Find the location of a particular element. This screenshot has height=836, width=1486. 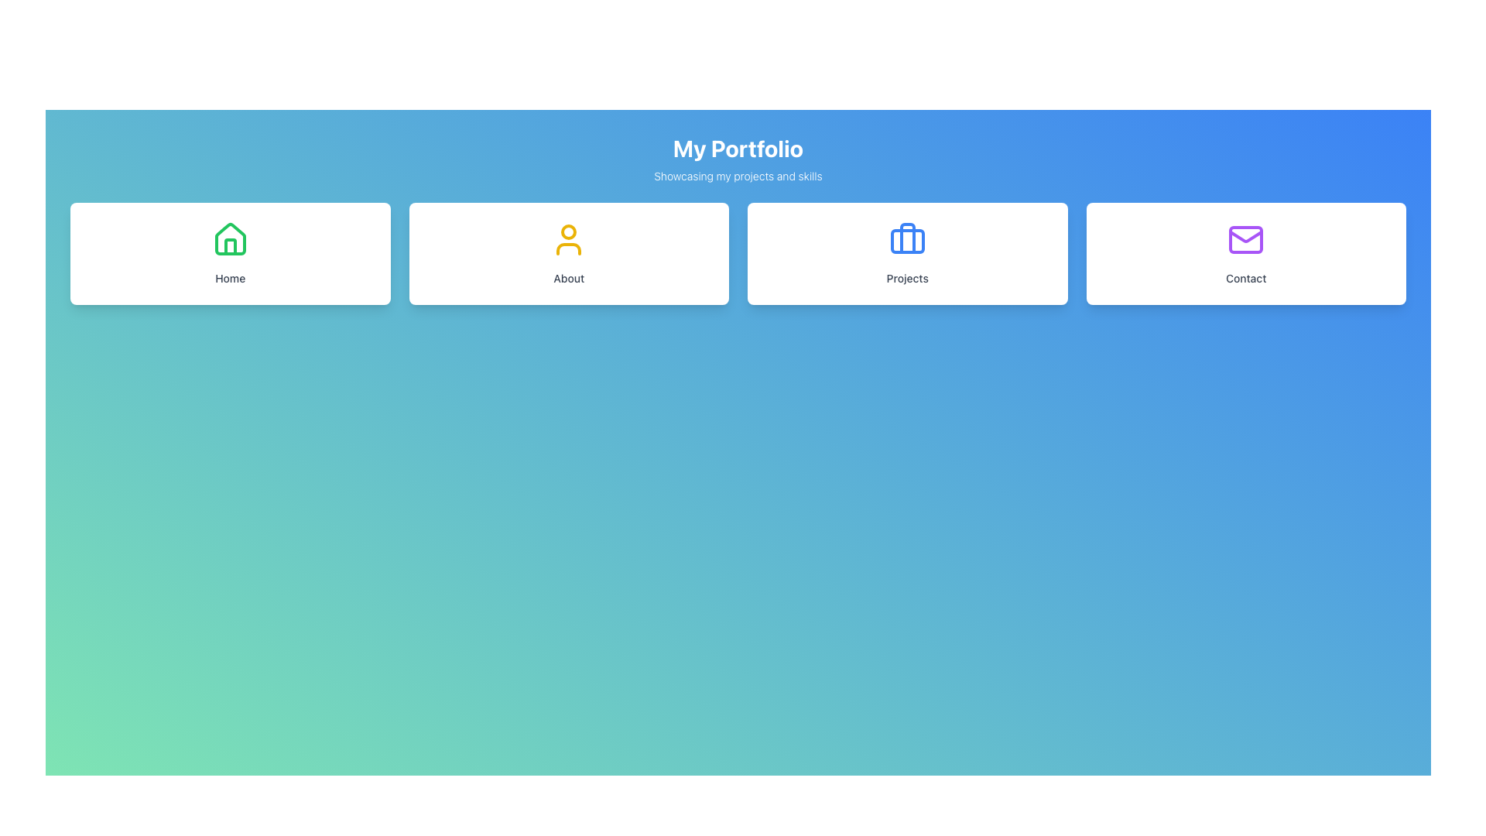

the SVG graphic component of the briefcase icon located in the center of the 'Projects' card is located at coordinates (907, 242).